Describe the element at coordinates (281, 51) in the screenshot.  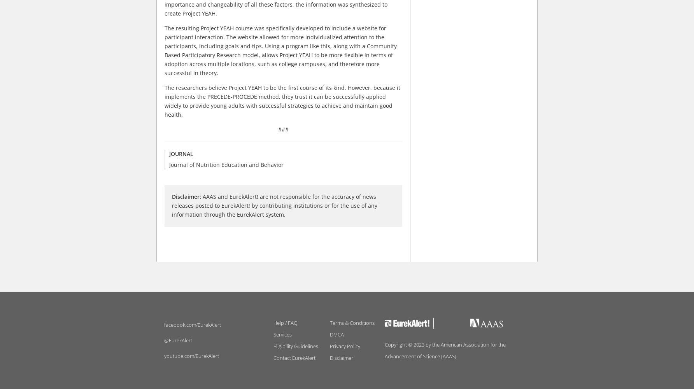
I see `'The resulting Project YEAH course was specifically developed to include a website for participant interaction. The website allowed for more individualized attention to the participants, including goals and tips. Using a program like this, along with a Community-Based Participatory Research model, allows Project YEAH to be more flexible in terms of adoption across multiple locations, such as college campuses, and therefore more successful in theory.'` at that location.